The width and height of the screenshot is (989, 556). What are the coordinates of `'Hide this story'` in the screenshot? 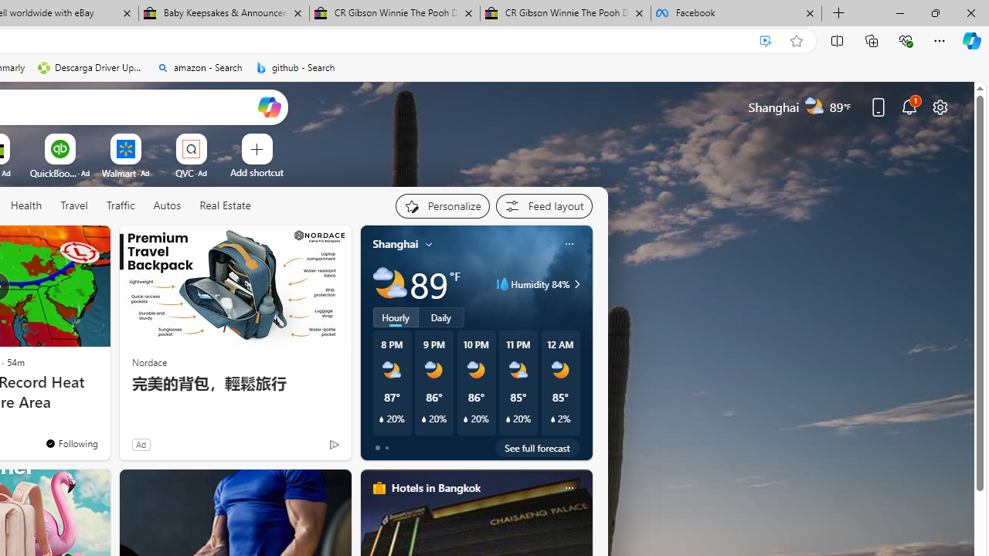 It's located at (63, 243).